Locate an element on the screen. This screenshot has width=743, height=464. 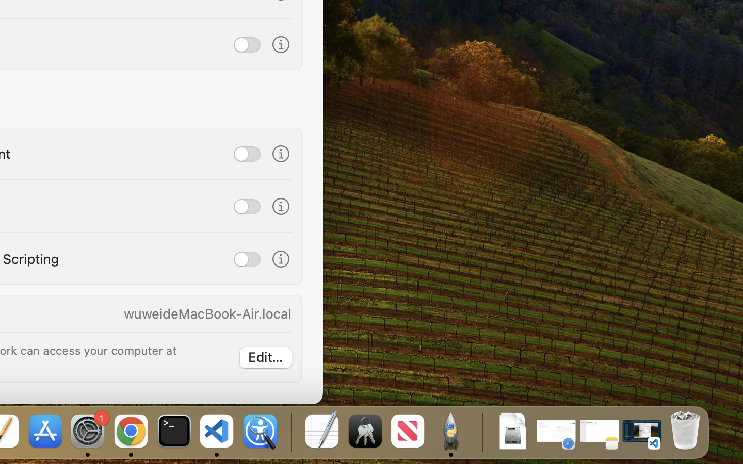
'wuweideMacBook-Air.local' is located at coordinates (207, 313).